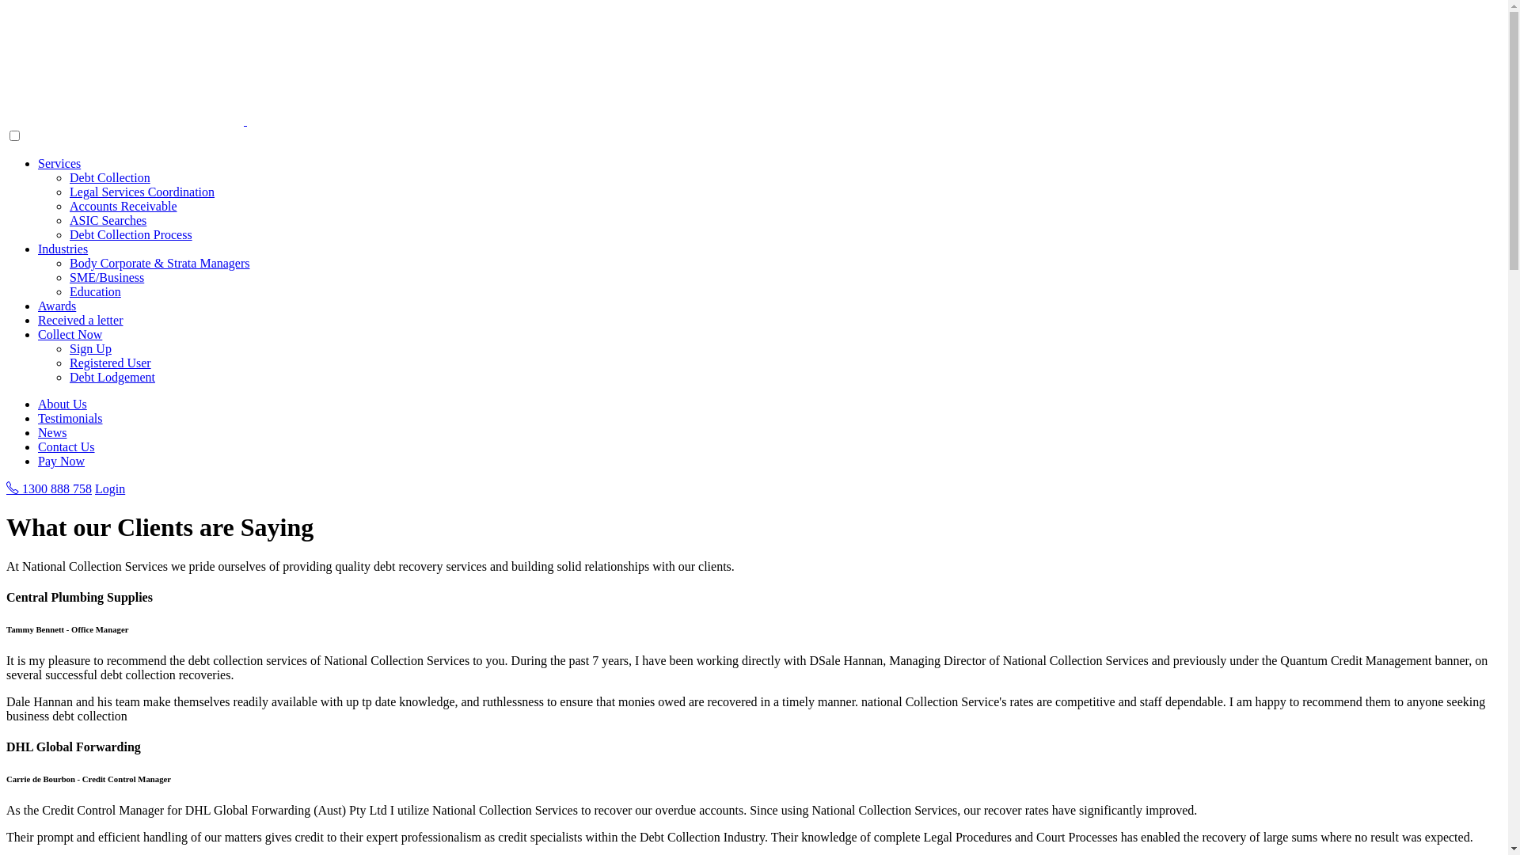 The image size is (1520, 855). Describe the element at coordinates (70, 417) in the screenshot. I see `'Testimonials'` at that location.